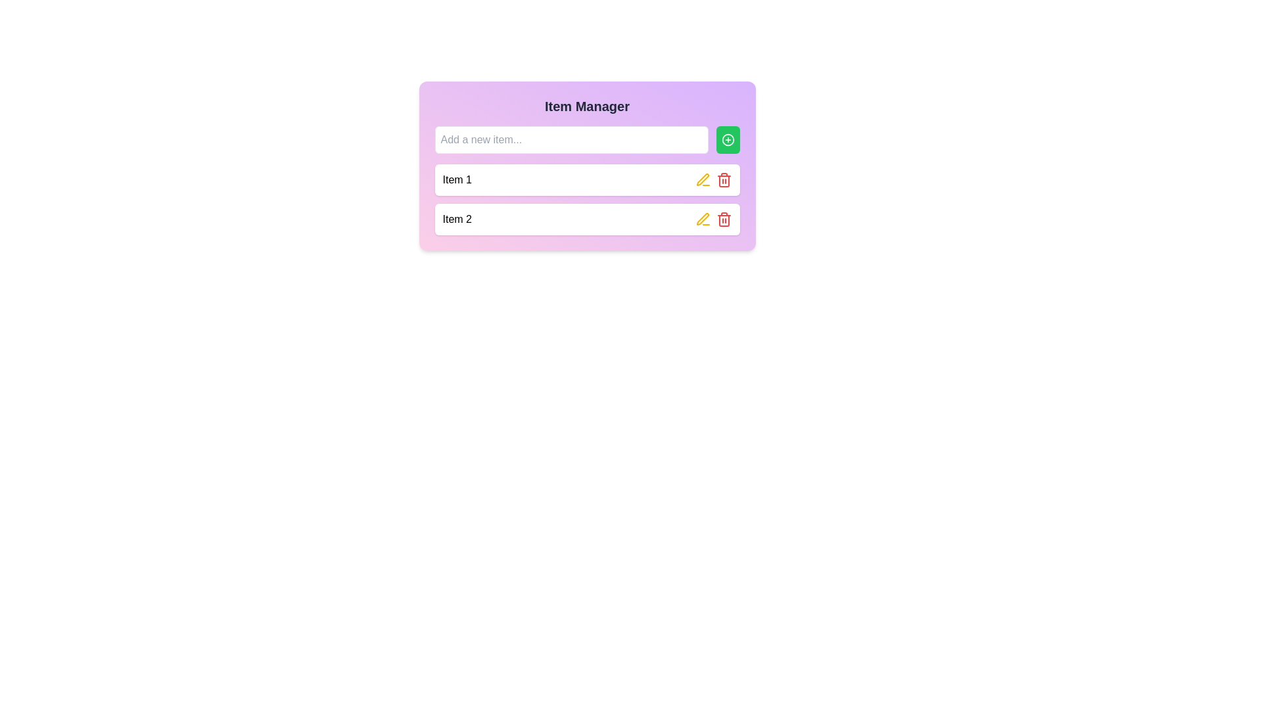 Image resolution: width=1262 pixels, height=710 pixels. I want to click on heading text element that displays 'Item Manager', which is in bold, dark gray font and centrally positioned within a gradient-colored rectangular box, so click(586, 106).